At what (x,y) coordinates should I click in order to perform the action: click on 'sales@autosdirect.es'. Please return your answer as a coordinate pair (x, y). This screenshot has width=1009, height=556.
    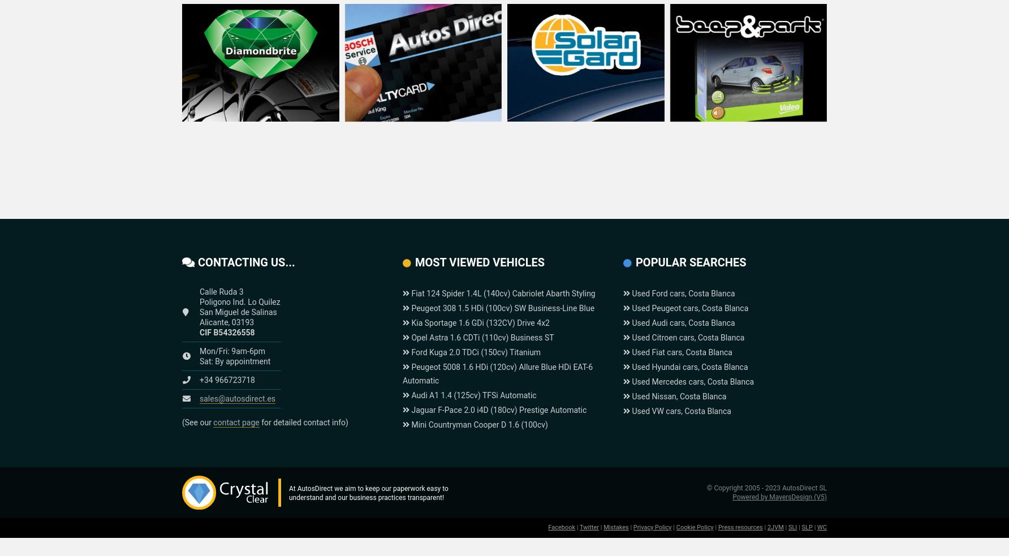
    Looking at the image, I should click on (236, 398).